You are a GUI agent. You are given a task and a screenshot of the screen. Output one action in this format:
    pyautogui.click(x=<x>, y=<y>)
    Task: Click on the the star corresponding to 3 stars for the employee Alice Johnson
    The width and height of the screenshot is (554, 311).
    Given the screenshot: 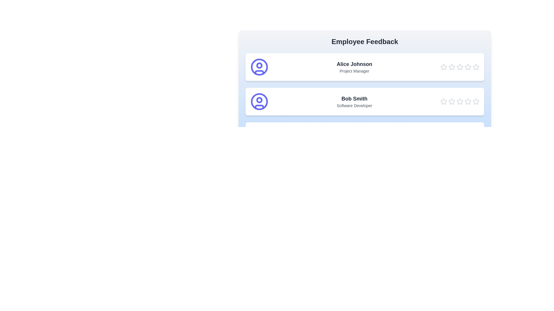 What is the action you would take?
    pyautogui.click(x=459, y=67)
    